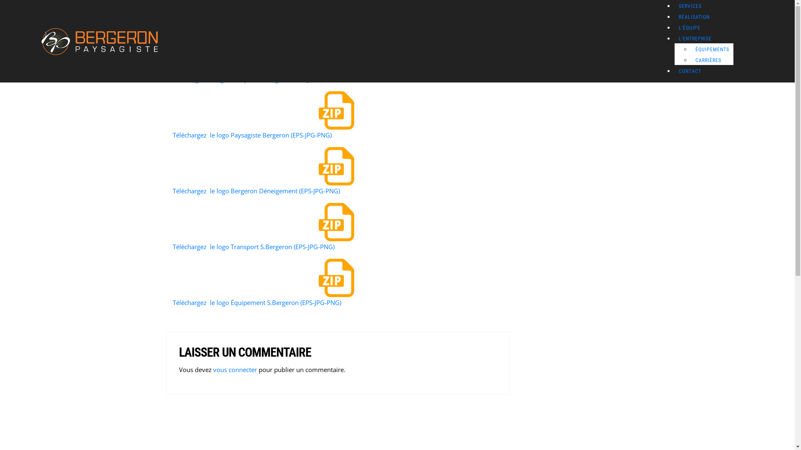 Image resolution: width=801 pixels, height=450 pixels. Describe the element at coordinates (690, 70) in the screenshot. I see `'CONTACT'` at that location.